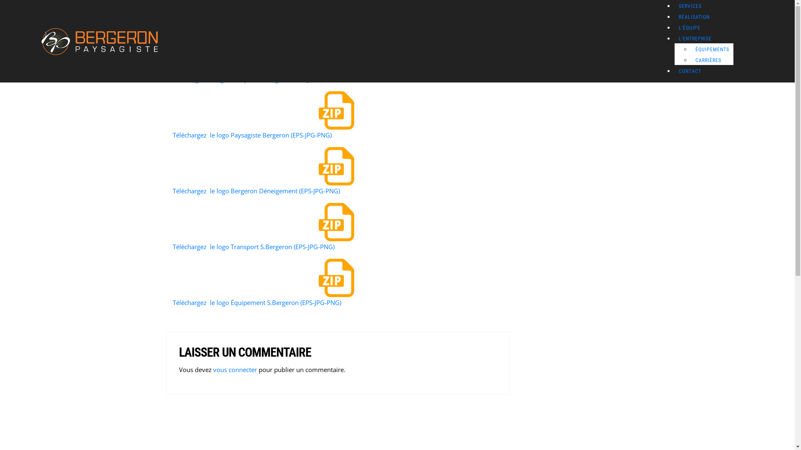 Image resolution: width=801 pixels, height=450 pixels. Describe the element at coordinates (690, 70) in the screenshot. I see `'CONTACT'` at that location.